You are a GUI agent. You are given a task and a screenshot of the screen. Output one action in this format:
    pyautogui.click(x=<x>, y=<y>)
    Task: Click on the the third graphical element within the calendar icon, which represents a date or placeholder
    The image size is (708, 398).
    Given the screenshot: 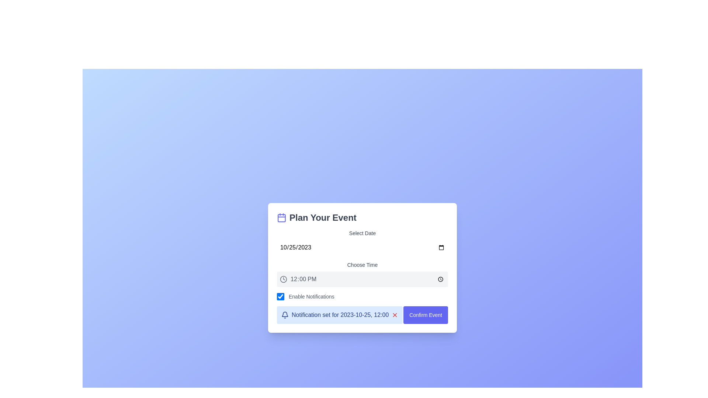 What is the action you would take?
    pyautogui.click(x=281, y=217)
    